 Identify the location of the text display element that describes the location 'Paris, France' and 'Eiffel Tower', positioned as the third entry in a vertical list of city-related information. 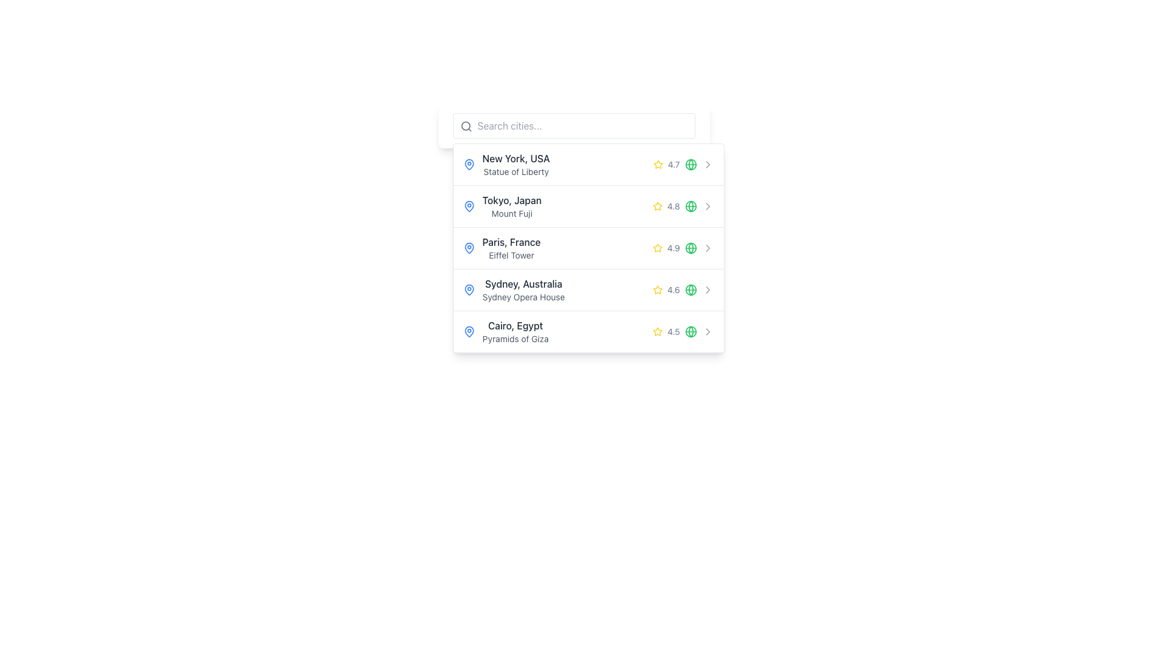
(511, 247).